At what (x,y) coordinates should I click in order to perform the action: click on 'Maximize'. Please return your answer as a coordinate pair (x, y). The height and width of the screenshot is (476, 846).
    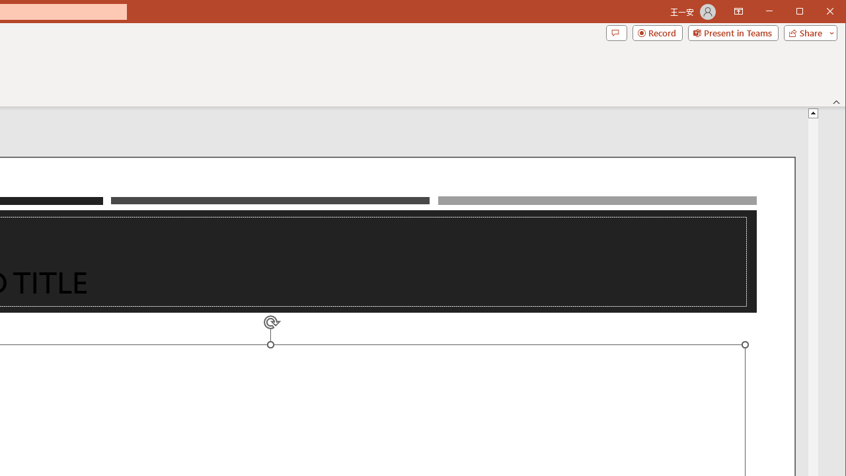
    Looking at the image, I should click on (818, 13).